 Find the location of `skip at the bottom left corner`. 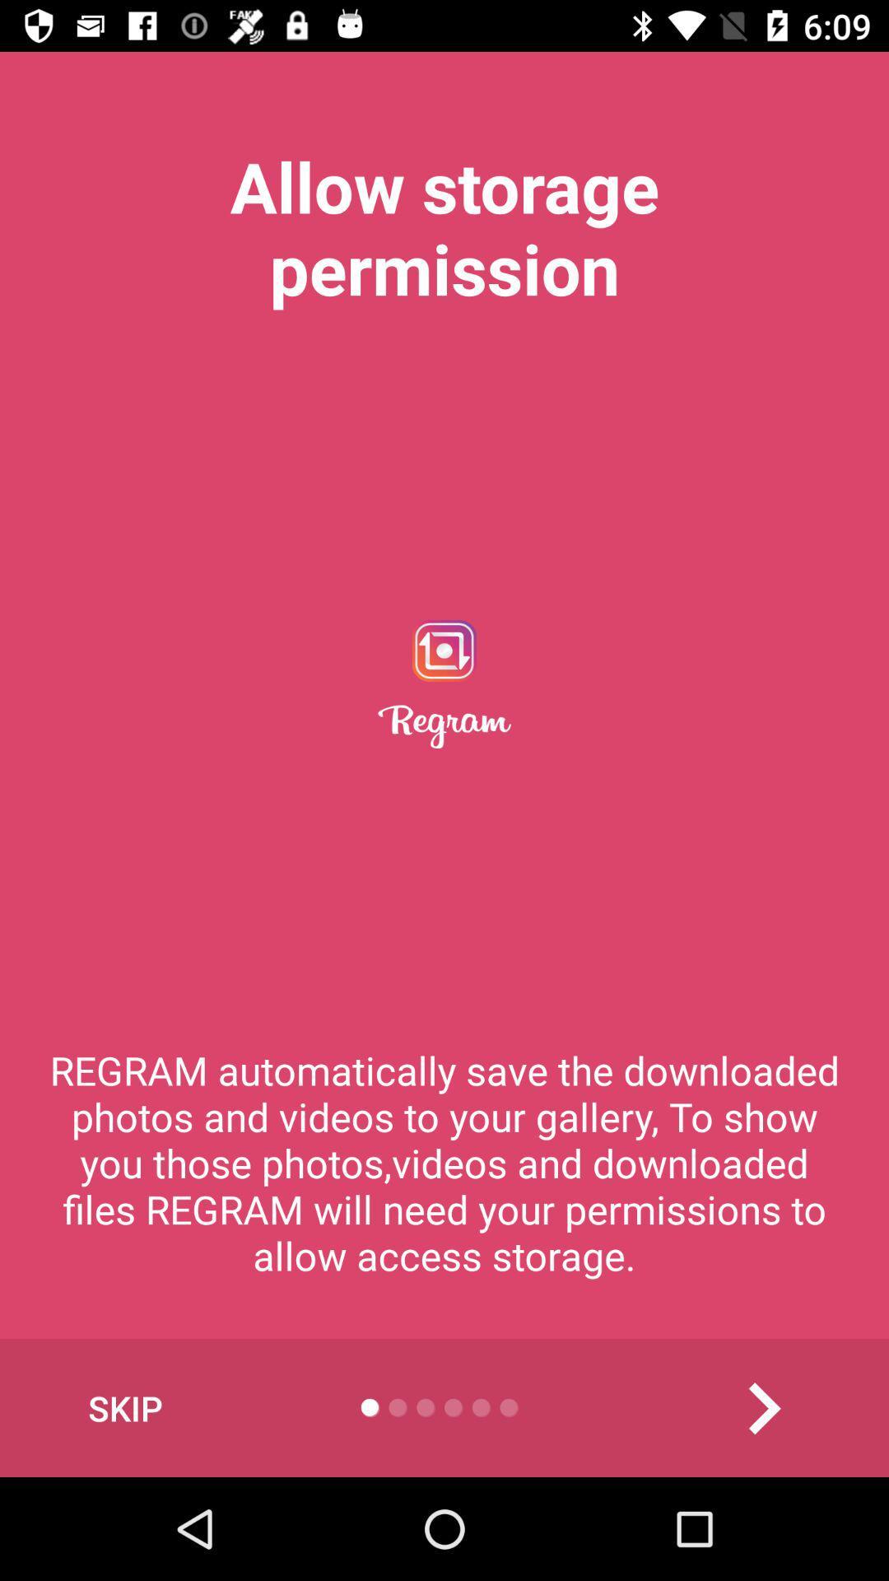

skip at the bottom left corner is located at coordinates (124, 1407).